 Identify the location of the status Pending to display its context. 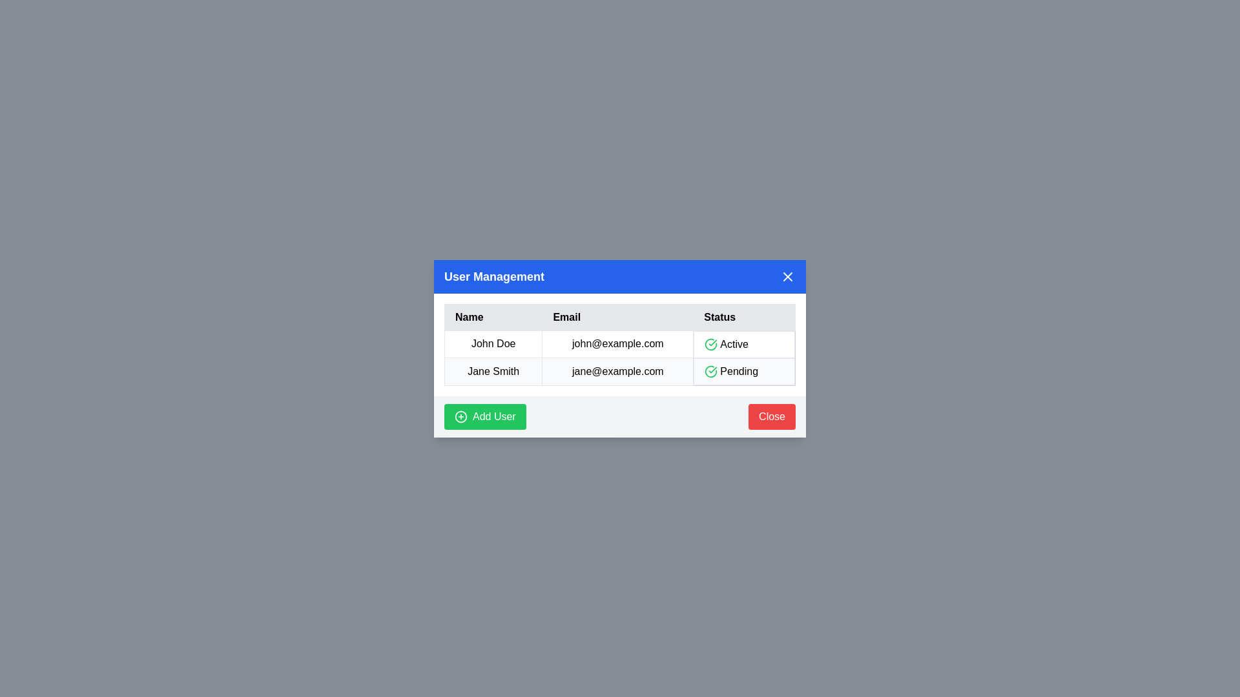
(744, 371).